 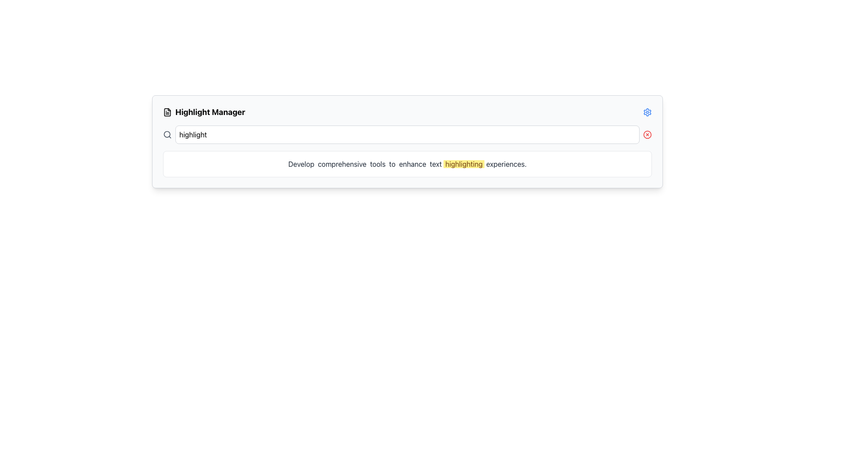 What do you see at coordinates (436, 164) in the screenshot?
I see `the text label 'text' which is the sixth word in the sentence 'Develop comprehensive tools to enhance text highlighting experiences.'` at bounding box center [436, 164].